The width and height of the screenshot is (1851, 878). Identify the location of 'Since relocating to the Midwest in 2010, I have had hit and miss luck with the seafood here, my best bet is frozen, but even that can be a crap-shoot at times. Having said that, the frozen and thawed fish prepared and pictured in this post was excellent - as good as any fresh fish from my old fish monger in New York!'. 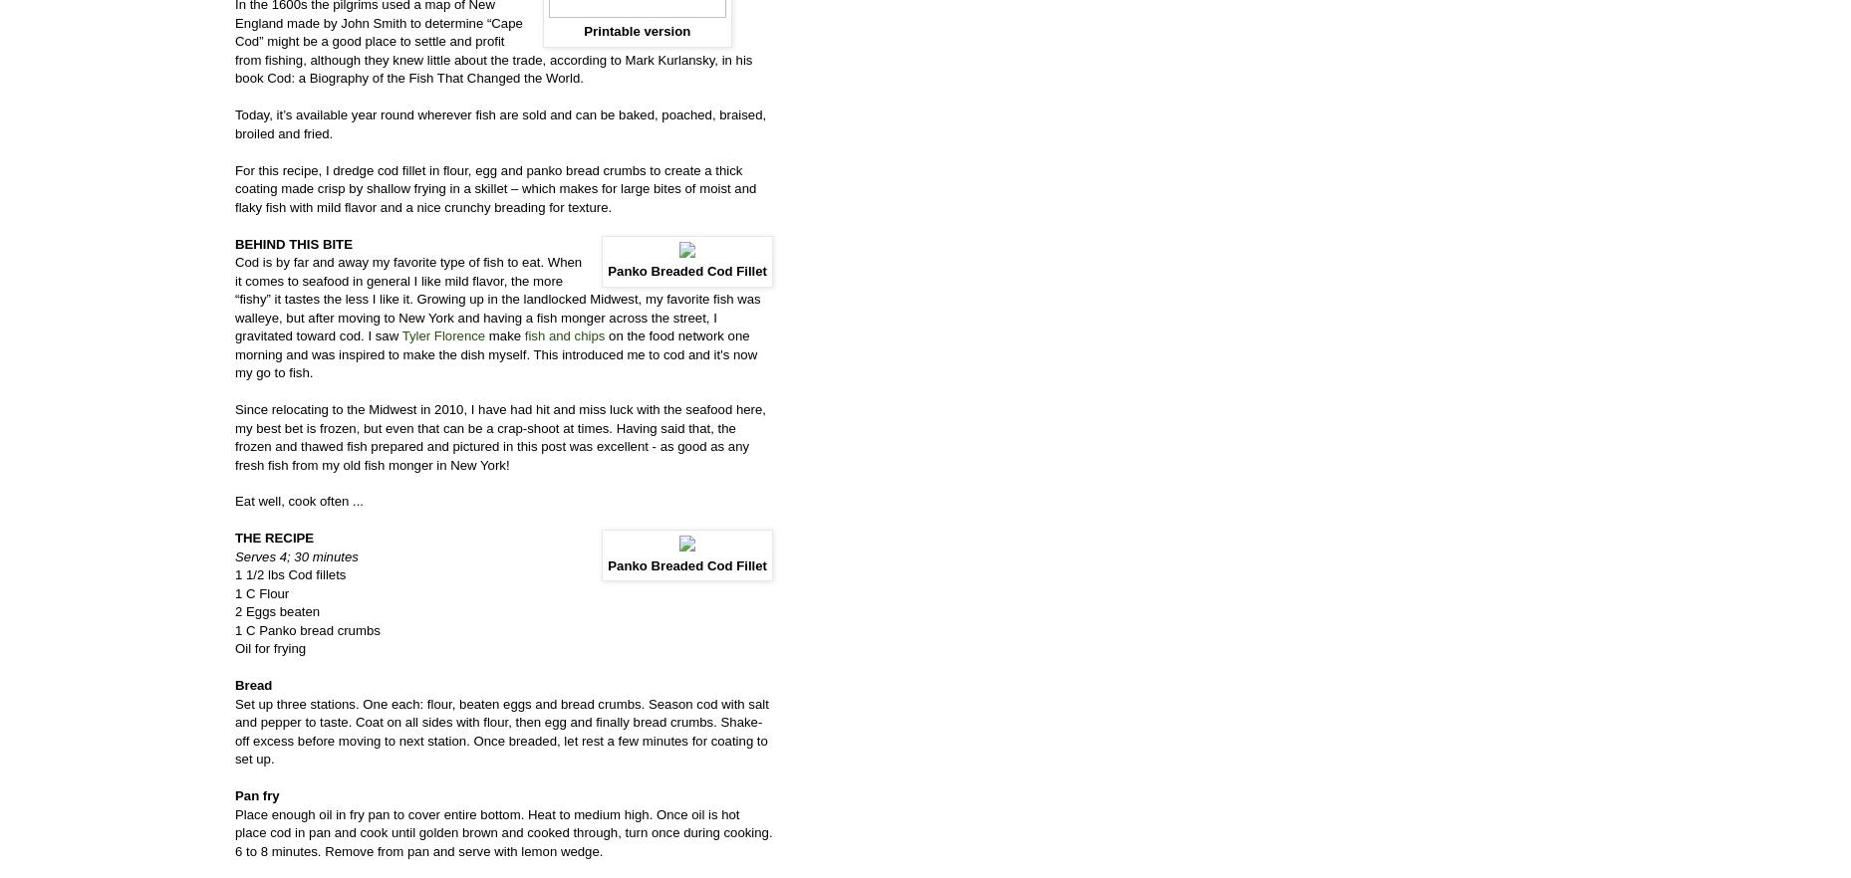
(500, 435).